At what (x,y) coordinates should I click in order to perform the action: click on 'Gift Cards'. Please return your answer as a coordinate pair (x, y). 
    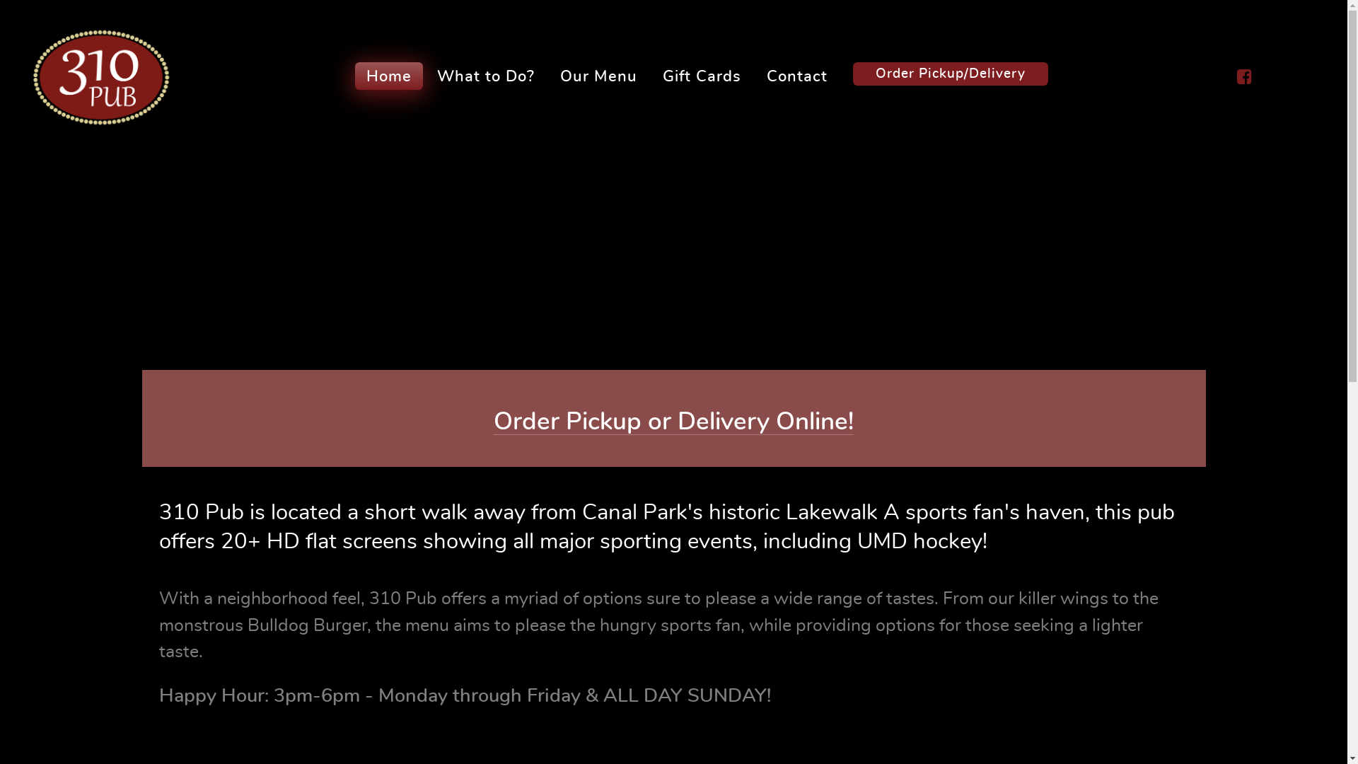
    Looking at the image, I should click on (702, 76).